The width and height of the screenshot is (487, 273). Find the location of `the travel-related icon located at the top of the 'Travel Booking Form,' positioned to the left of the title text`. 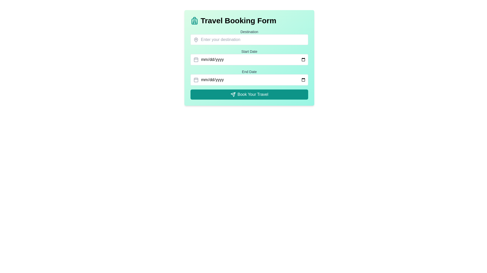

the travel-related icon located at the top of the 'Travel Booking Form,' positioned to the left of the title text is located at coordinates (194, 21).